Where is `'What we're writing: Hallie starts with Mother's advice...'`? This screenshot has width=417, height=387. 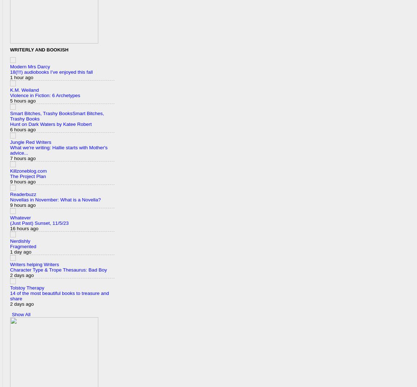
'What we're writing: Hallie starts with Mother's advice...' is located at coordinates (58, 150).